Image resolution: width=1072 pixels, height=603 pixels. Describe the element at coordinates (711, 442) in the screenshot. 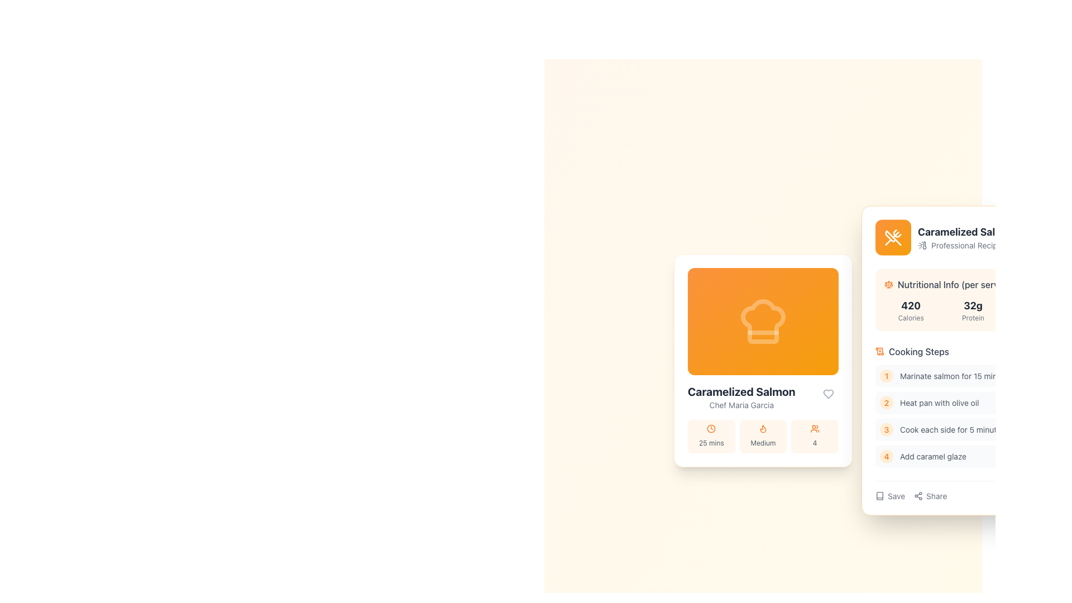

I see `the static text label displaying '25 mins', which is located within a rounded rectangle and positioned below an orange clock icon` at that location.